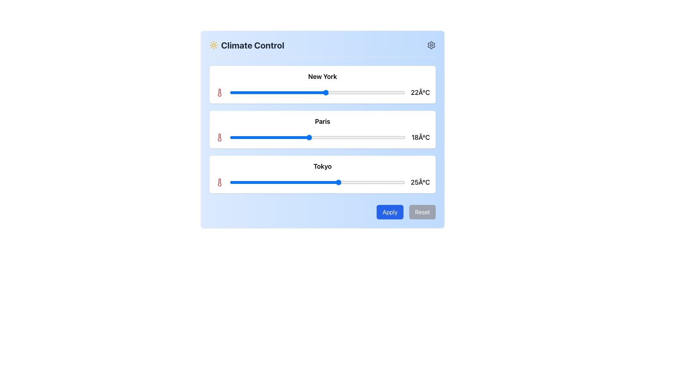 This screenshot has width=696, height=391. Describe the element at coordinates (219, 182) in the screenshot. I see `the temperature icon for the 'Tokyo' climate control section, located to the left of the slider and the '25°C' label` at that location.